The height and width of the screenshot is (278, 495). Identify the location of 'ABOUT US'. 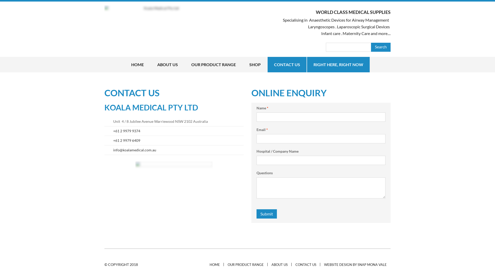
(151, 64).